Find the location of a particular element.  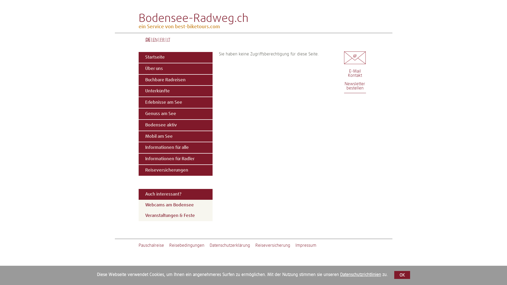

'Startseite' is located at coordinates (175, 57).